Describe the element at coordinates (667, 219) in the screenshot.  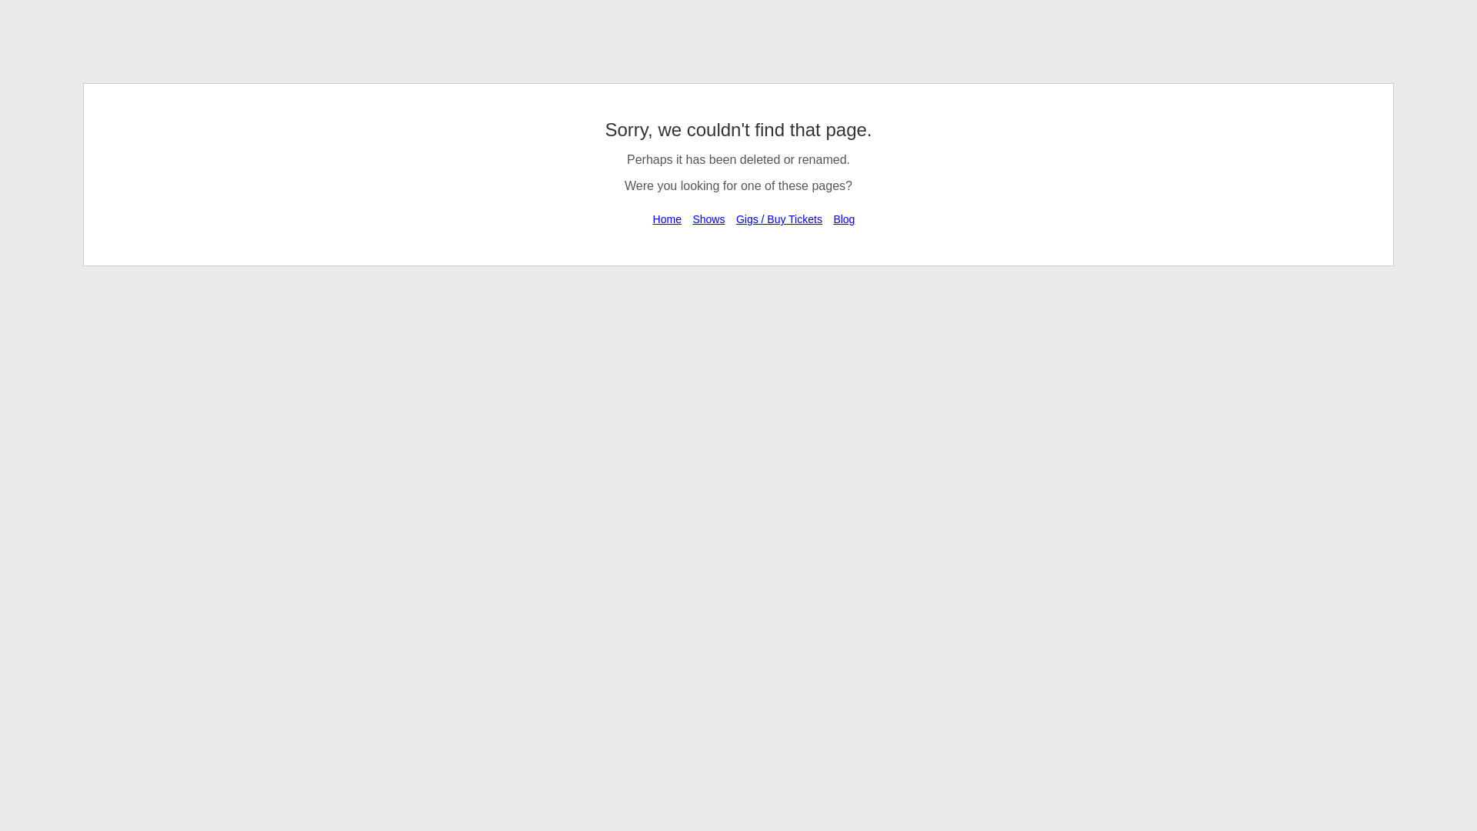
I see `'Home'` at that location.